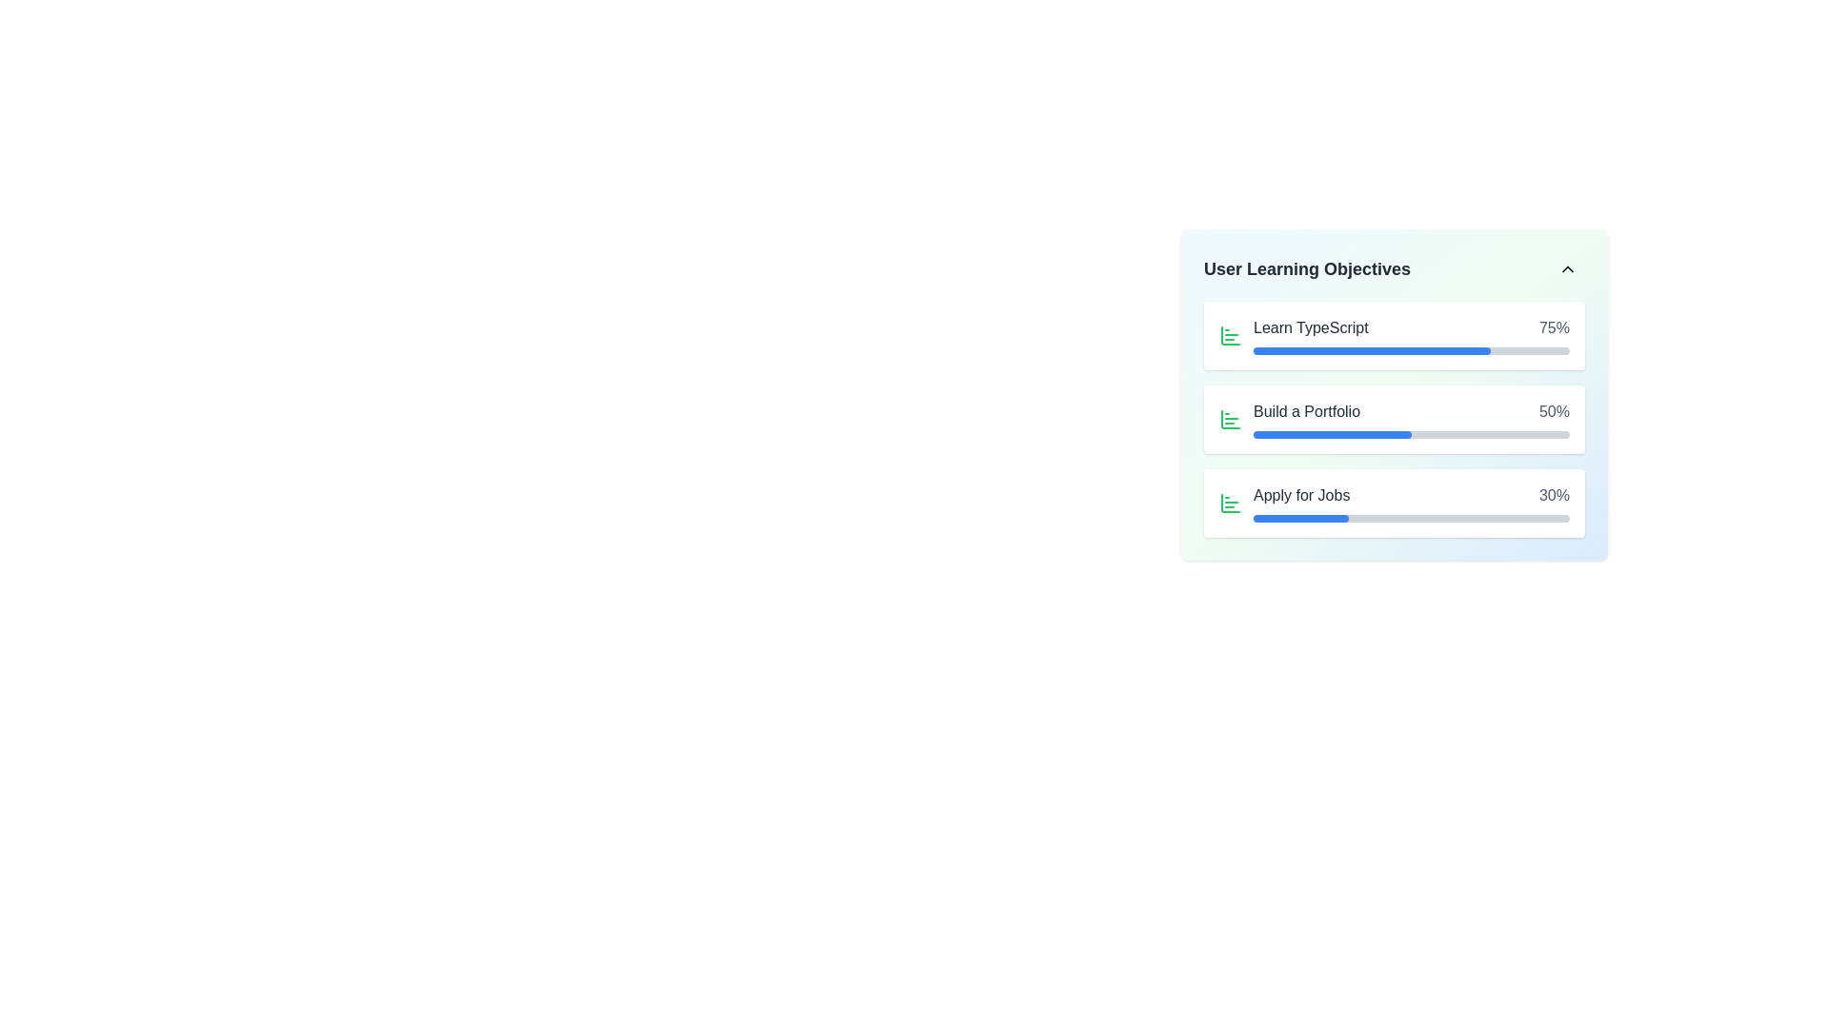  Describe the element at coordinates (1310, 326) in the screenshot. I see `the descriptive text label indicating the learning objective, which is positioned in the center of the first item in the list on the panel, adjacent to a list icon and a percentage completion indicator` at that location.